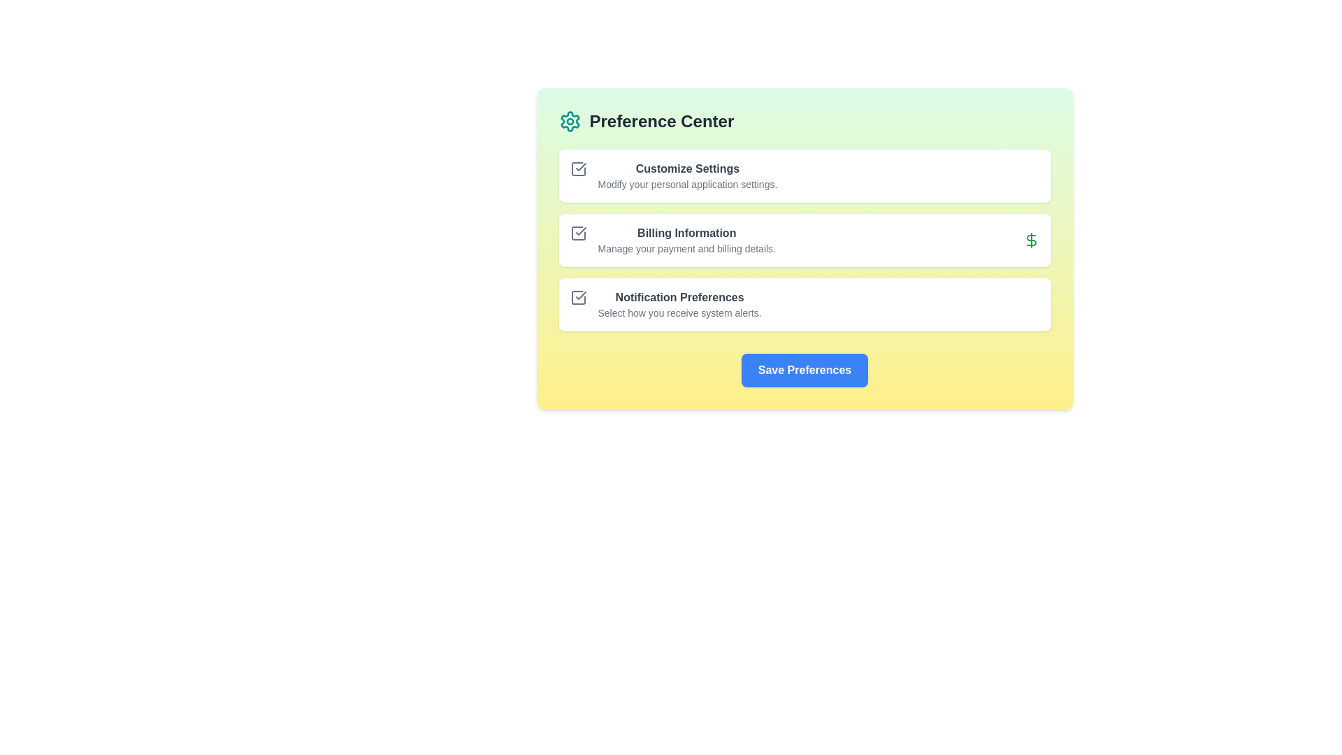 This screenshot has width=1342, height=755. What do you see at coordinates (686, 239) in the screenshot?
I see `text block titled 'Billing Information' which contains the subtext 'Manage your payment and billing details.' This element is located in the middle section of the 'Preference Center' interface, specifically in the second row of options` at bounding box center [686, 239].